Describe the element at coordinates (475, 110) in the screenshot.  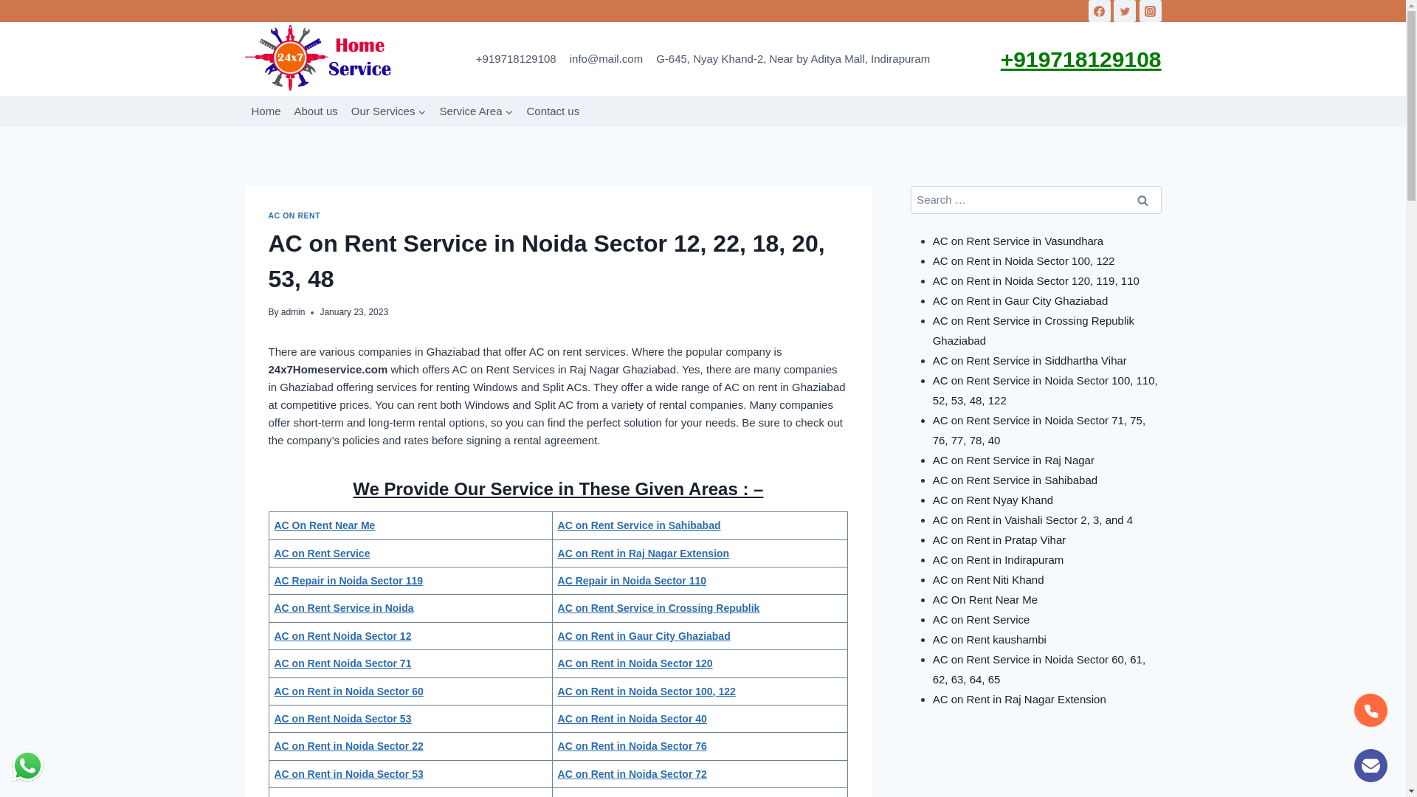
I see `'Service Area'` at that location.